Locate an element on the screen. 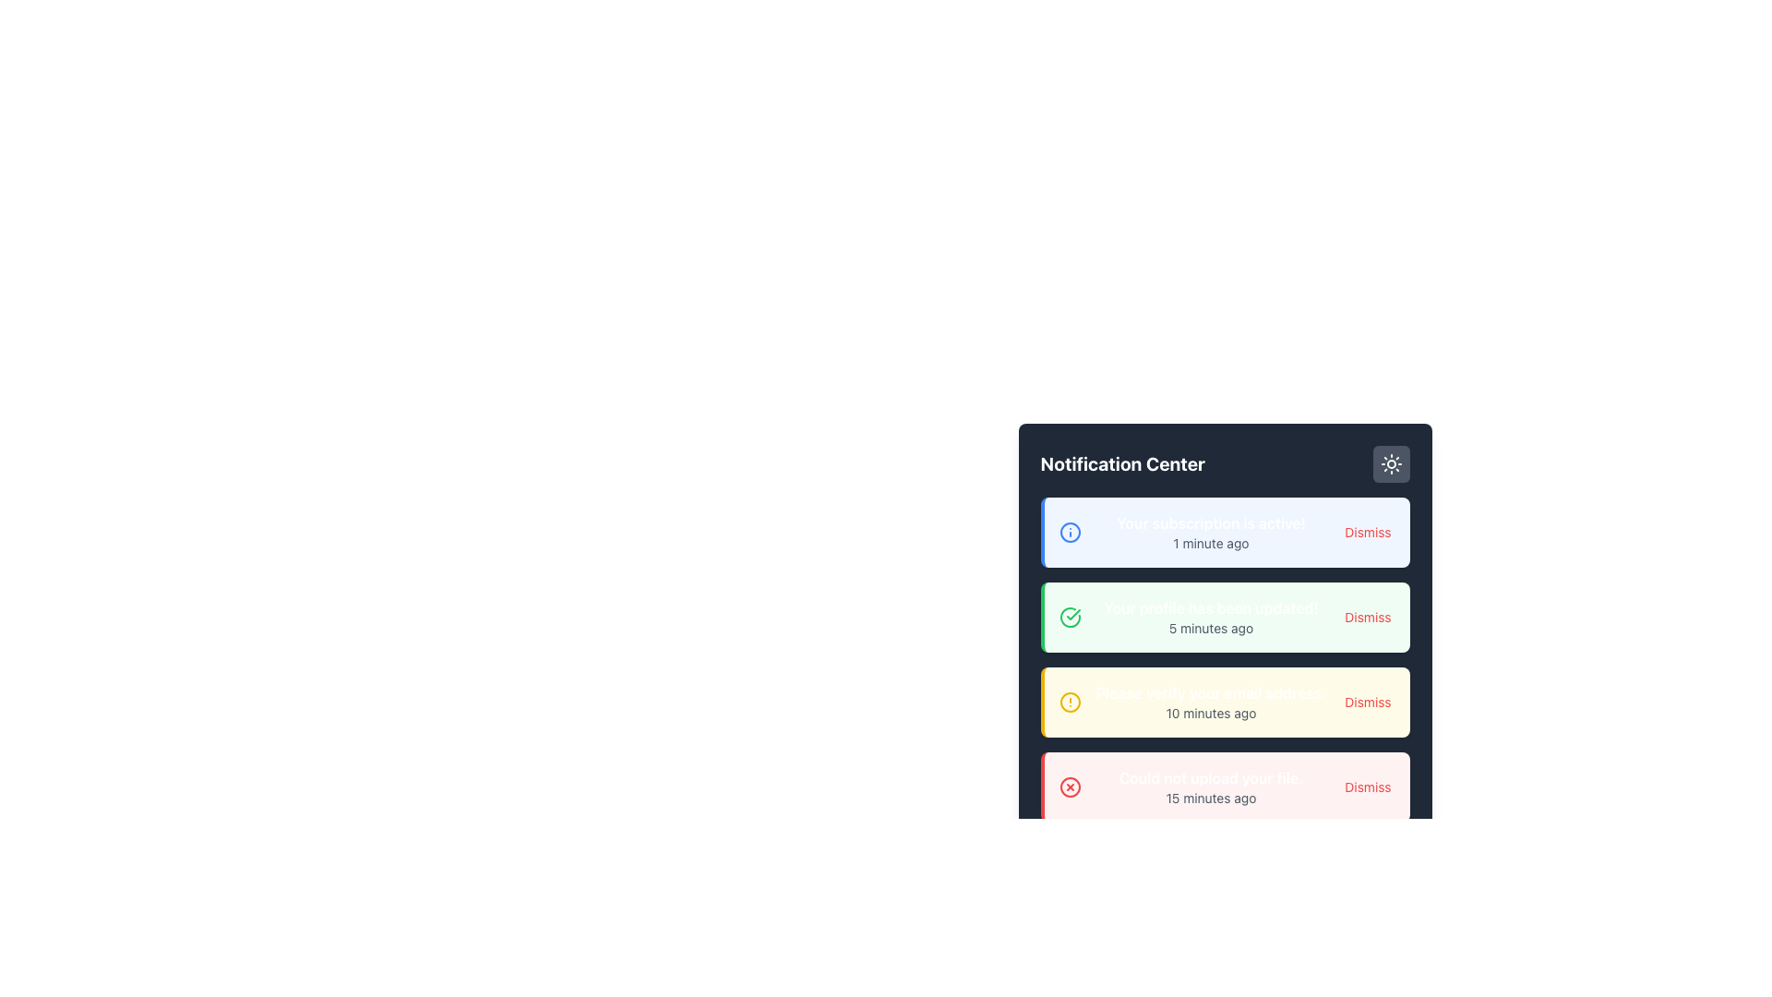 The height and width of the screenshot is (997, 1772). the SVG Icon that represents a confirmation or success indicator located in the second card of the vertically stacked notification list in the notification center, positioned towards the left side of the card is located at coordinates (1072, 615).